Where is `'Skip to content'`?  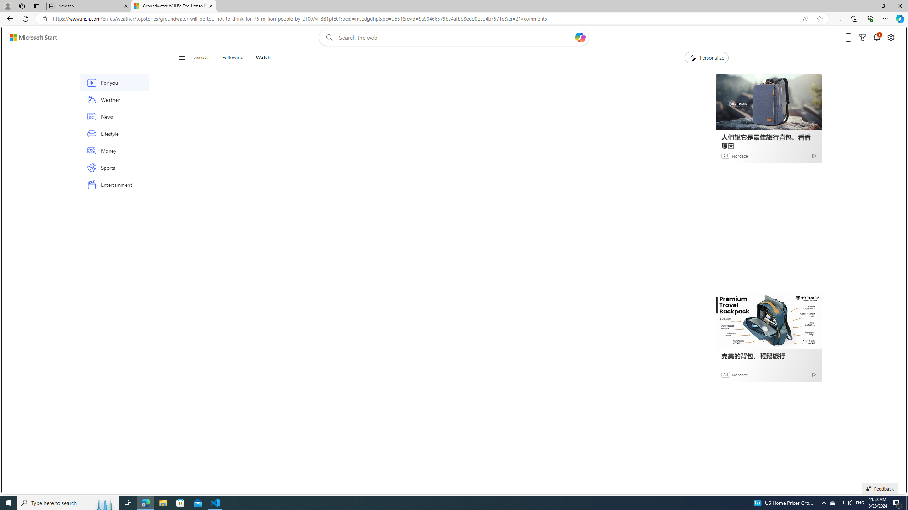
'Skip to content' is located at coordinates (31, 37).